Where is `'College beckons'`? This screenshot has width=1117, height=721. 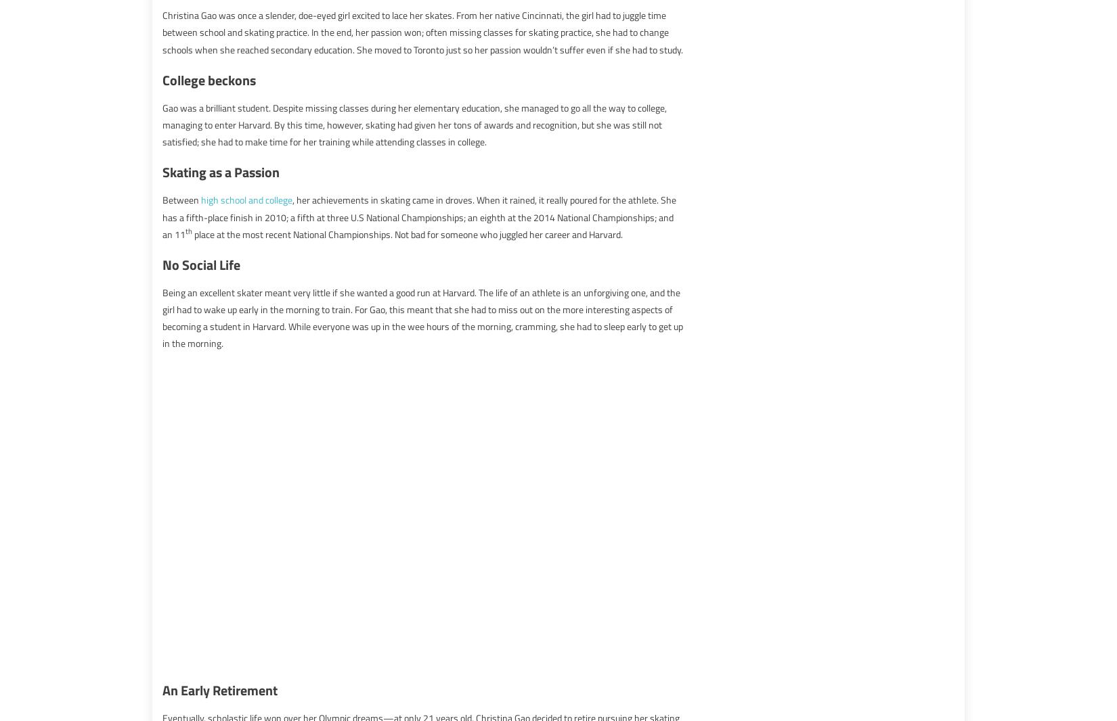 'College beckons' is located at coordinates (209, 78).